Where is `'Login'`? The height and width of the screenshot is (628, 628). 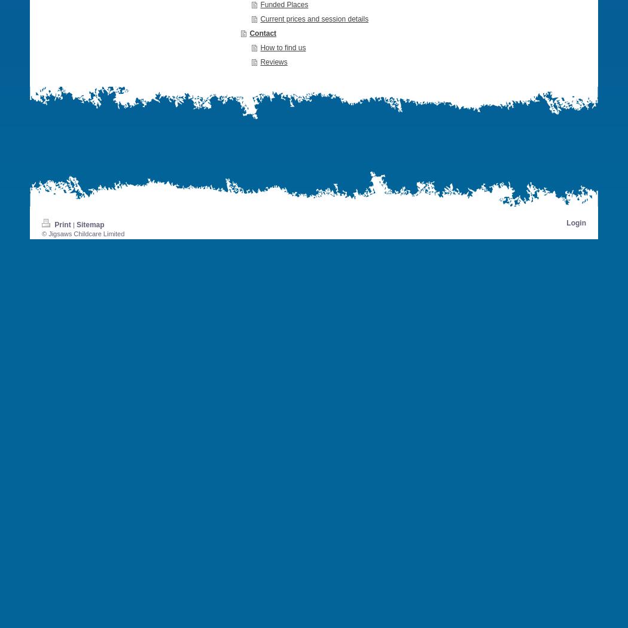 'Login' is located at coordinates (575, 222).